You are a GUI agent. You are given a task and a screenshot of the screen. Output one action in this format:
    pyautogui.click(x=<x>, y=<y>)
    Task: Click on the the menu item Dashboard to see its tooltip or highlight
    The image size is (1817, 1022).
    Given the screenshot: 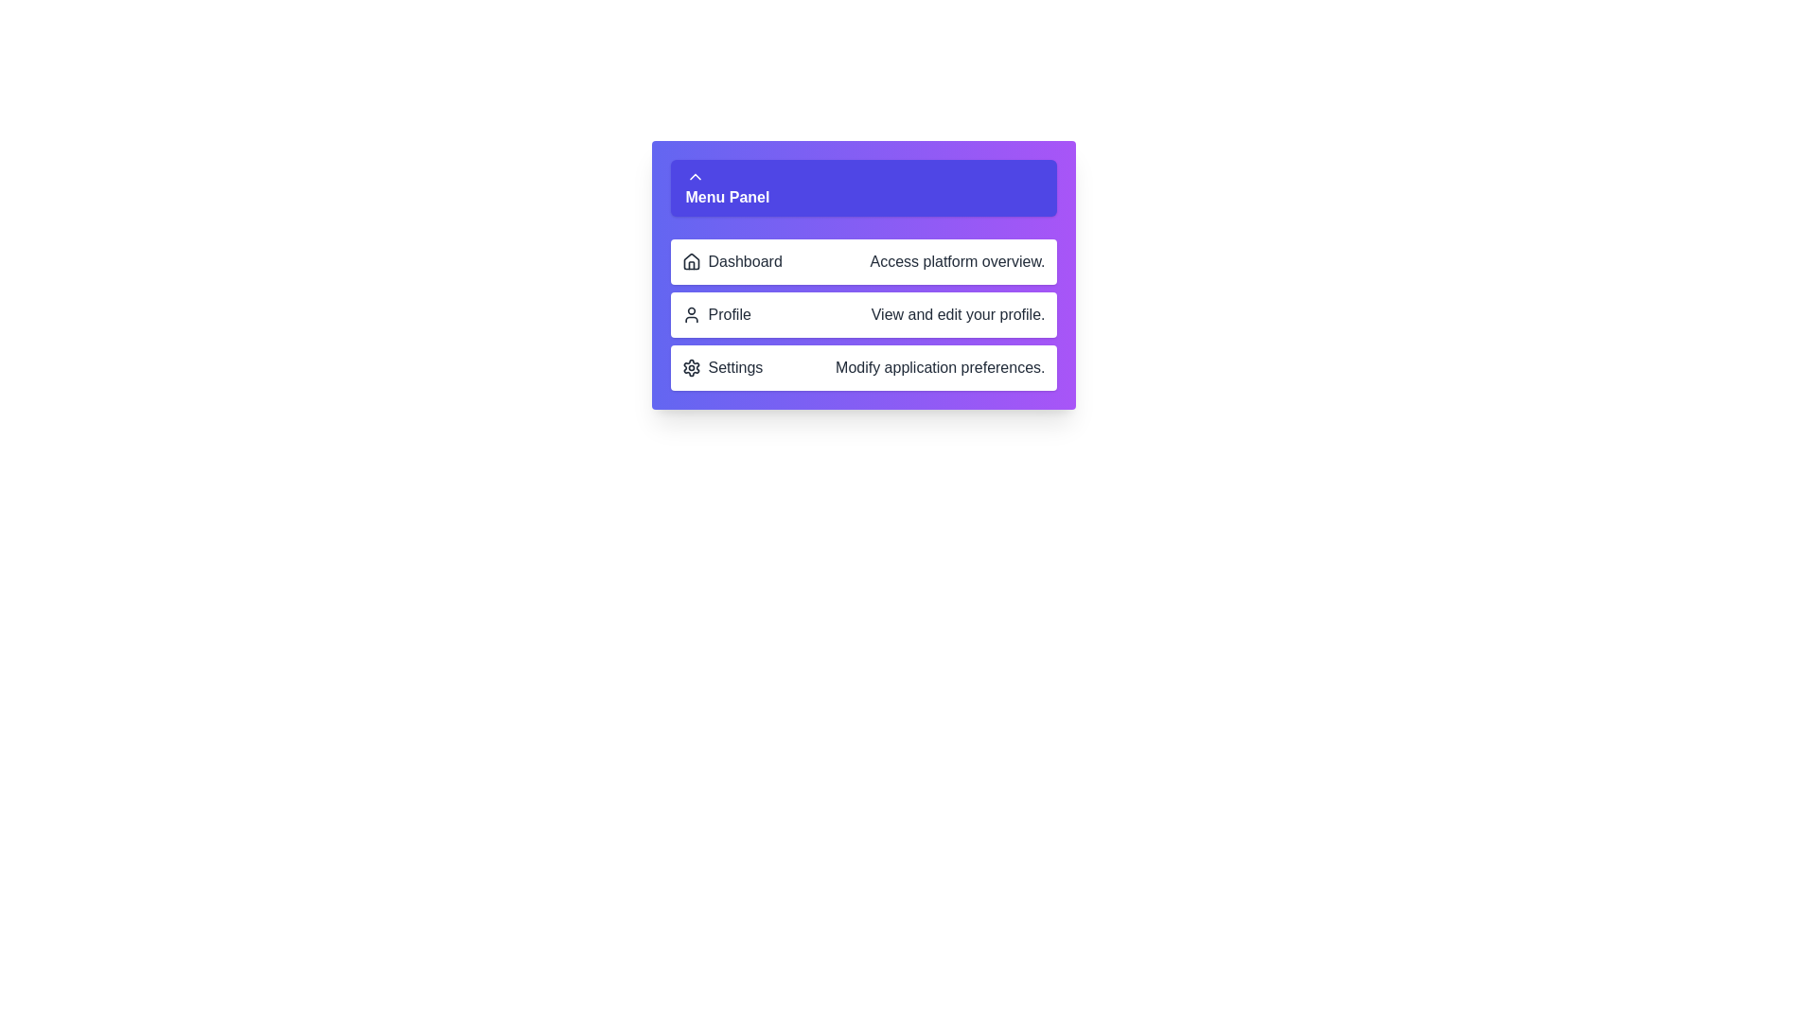 What is the action you would take?
    pyautogui.click(x=862, y=262)
    